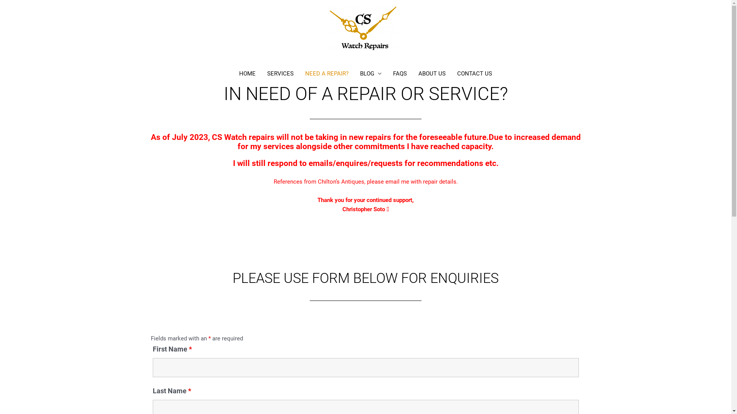  What do you see at coordinates (327, 74) in the screenshot?
I see `'NEED A REPAIR?'` at bounding box center [327, 74].